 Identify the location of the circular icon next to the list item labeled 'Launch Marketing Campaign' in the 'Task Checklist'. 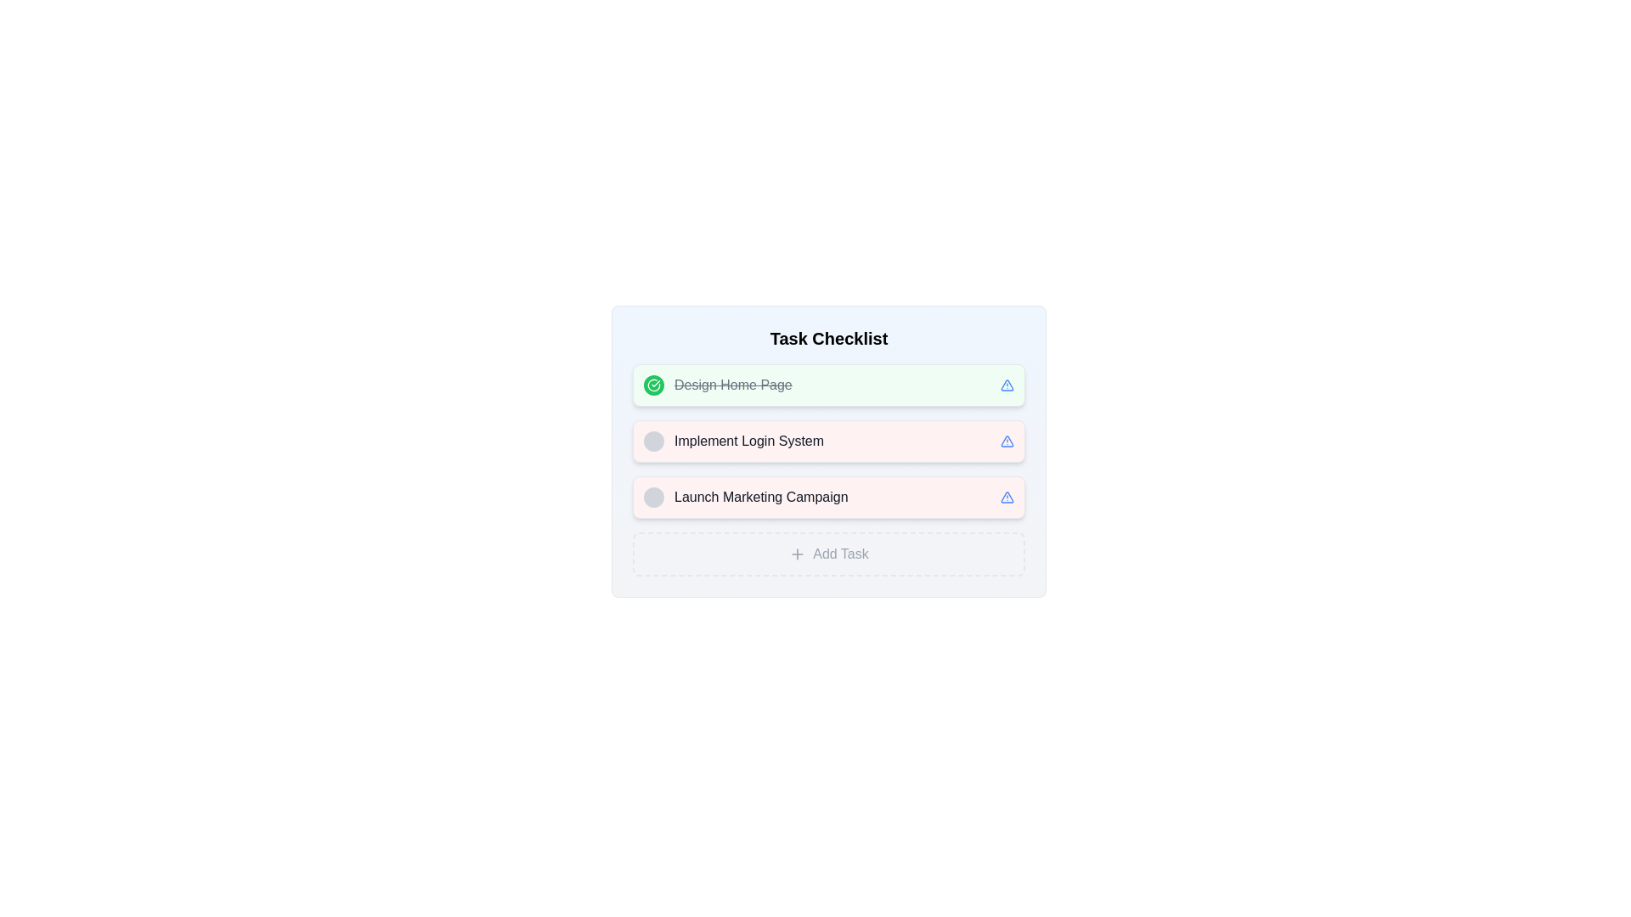
(746, 497).